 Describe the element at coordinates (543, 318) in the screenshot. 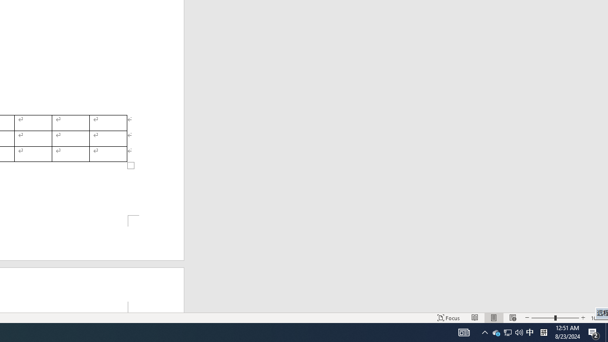

I see `'Zoom Out'` at that location.